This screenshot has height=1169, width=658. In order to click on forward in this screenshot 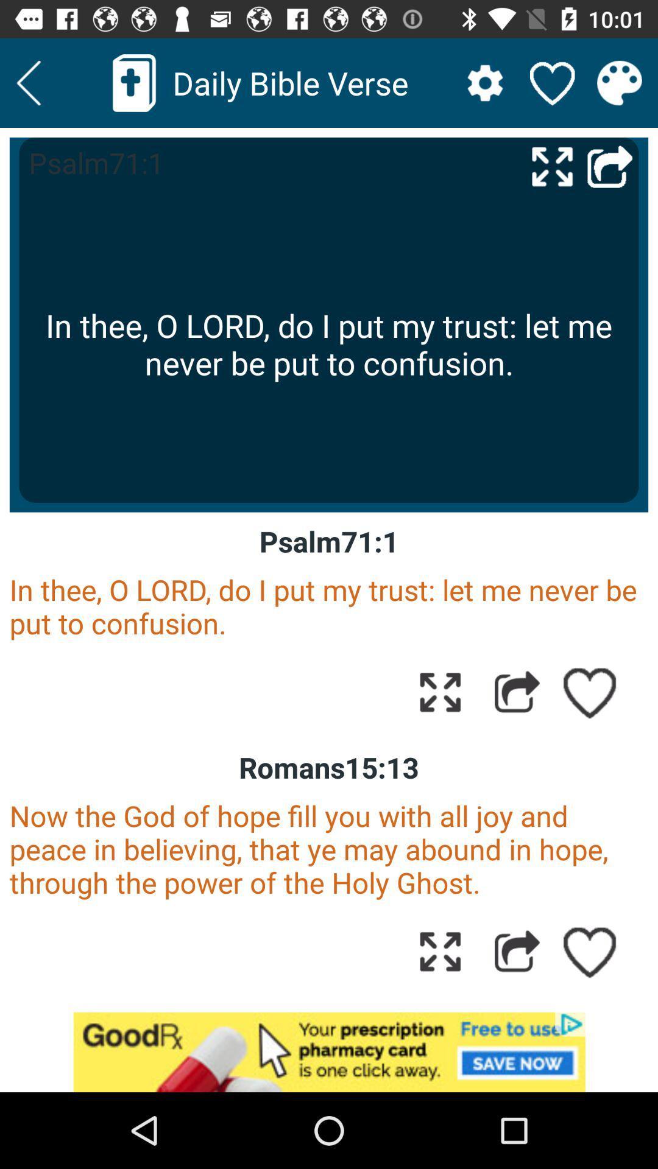, I will do `click(610, 166)`.